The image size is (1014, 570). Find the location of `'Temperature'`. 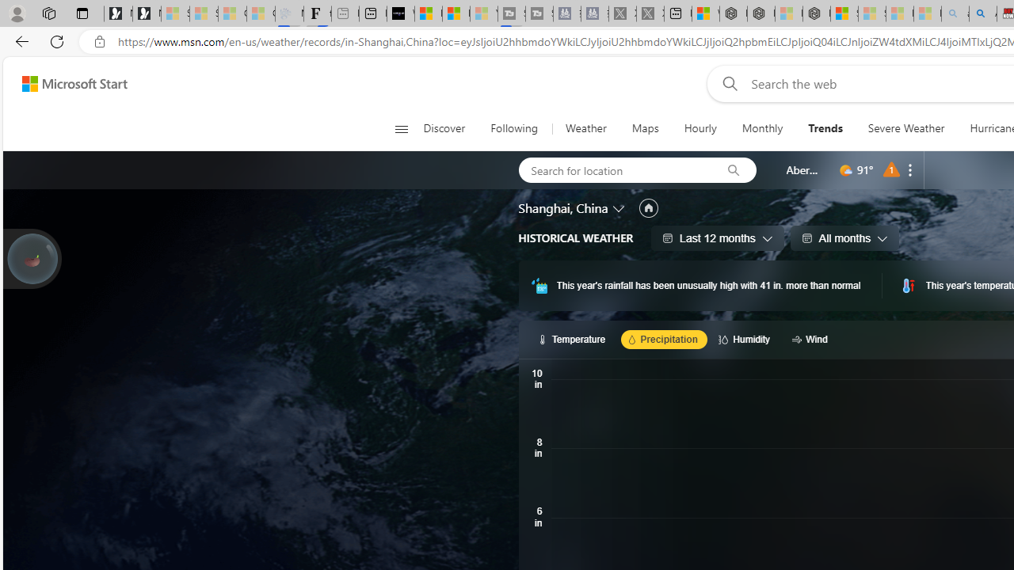

'Temperature' is located at coordinates (573, 338).